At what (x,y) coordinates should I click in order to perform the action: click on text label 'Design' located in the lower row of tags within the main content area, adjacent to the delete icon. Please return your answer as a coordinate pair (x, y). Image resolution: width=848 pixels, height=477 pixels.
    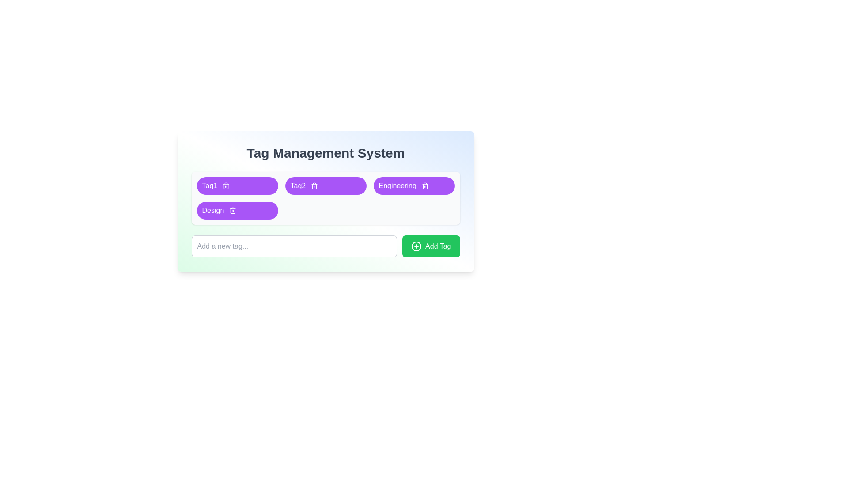
    Looking at the image, I should click on (213, 211).